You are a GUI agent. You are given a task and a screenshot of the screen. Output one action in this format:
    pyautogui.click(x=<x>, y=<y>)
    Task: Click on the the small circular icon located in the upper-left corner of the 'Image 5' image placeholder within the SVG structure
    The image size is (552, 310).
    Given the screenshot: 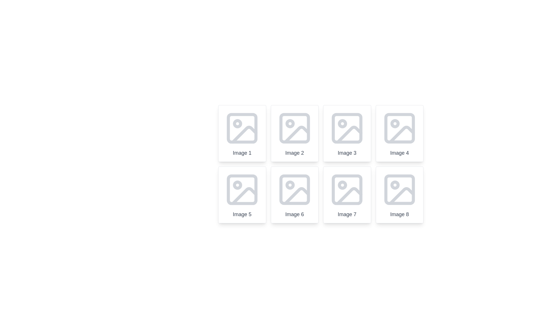 What is the action you would take?
    pyautogui.click(x=237, y=185)
    